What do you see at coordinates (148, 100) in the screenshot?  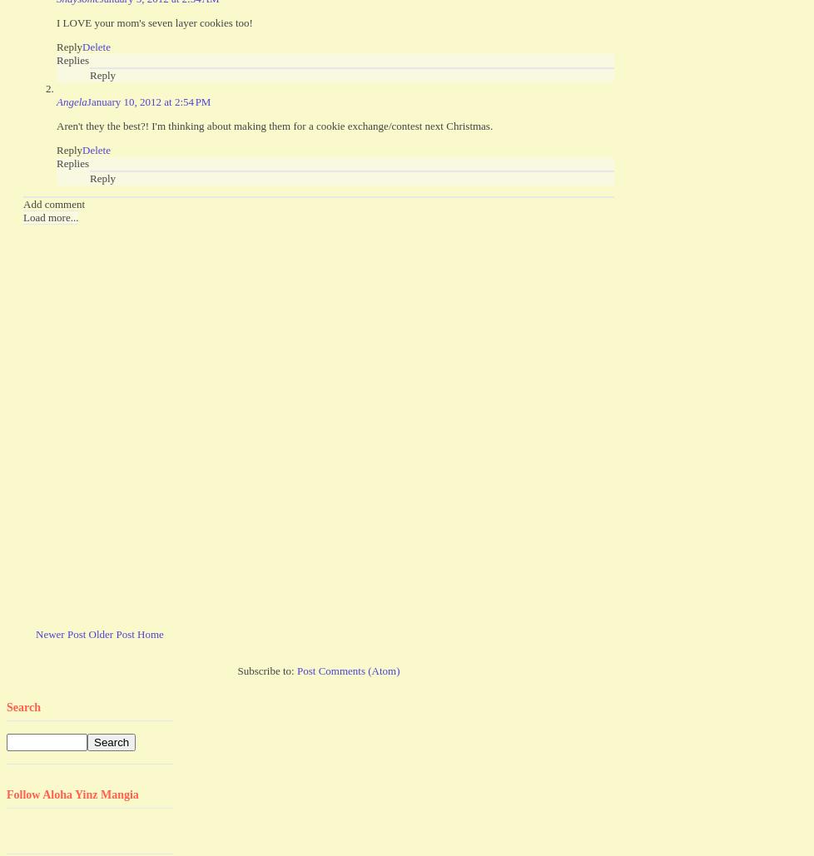 I see `'January 10, 2012 at 2:54 PM'` at bounding box center [148, 100].